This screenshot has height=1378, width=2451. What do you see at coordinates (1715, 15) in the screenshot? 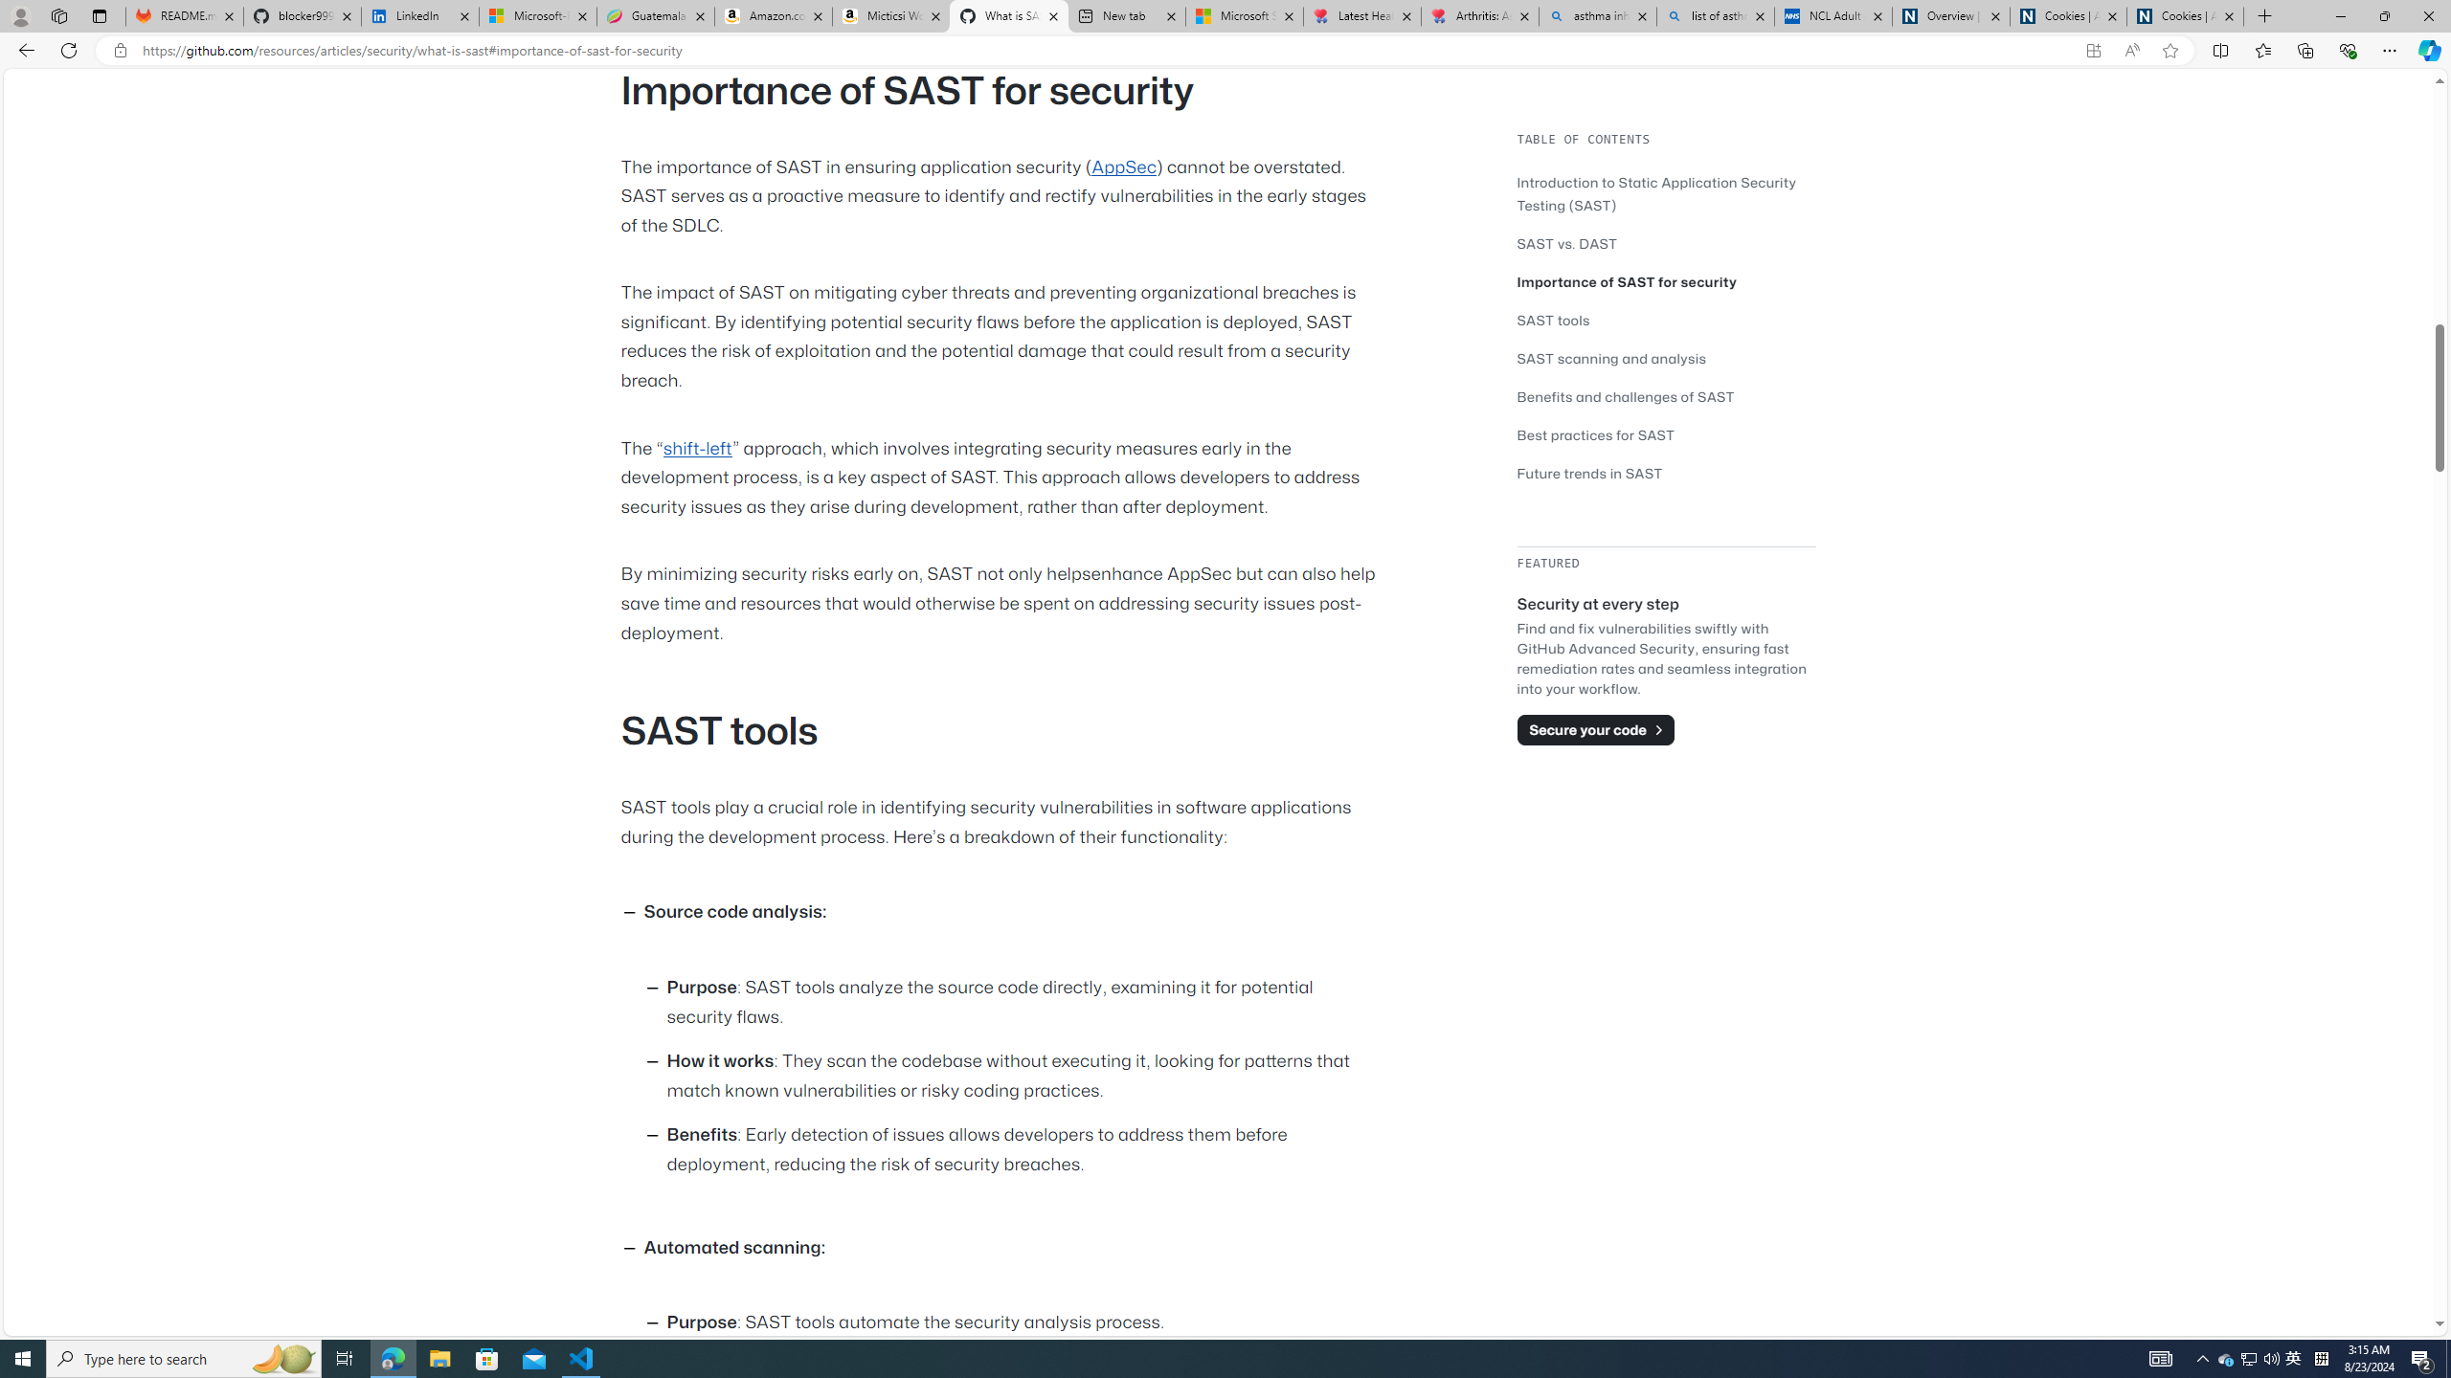
I see `'list of asthma inhalers uk - Search'` at bounding box center [1715, 15].